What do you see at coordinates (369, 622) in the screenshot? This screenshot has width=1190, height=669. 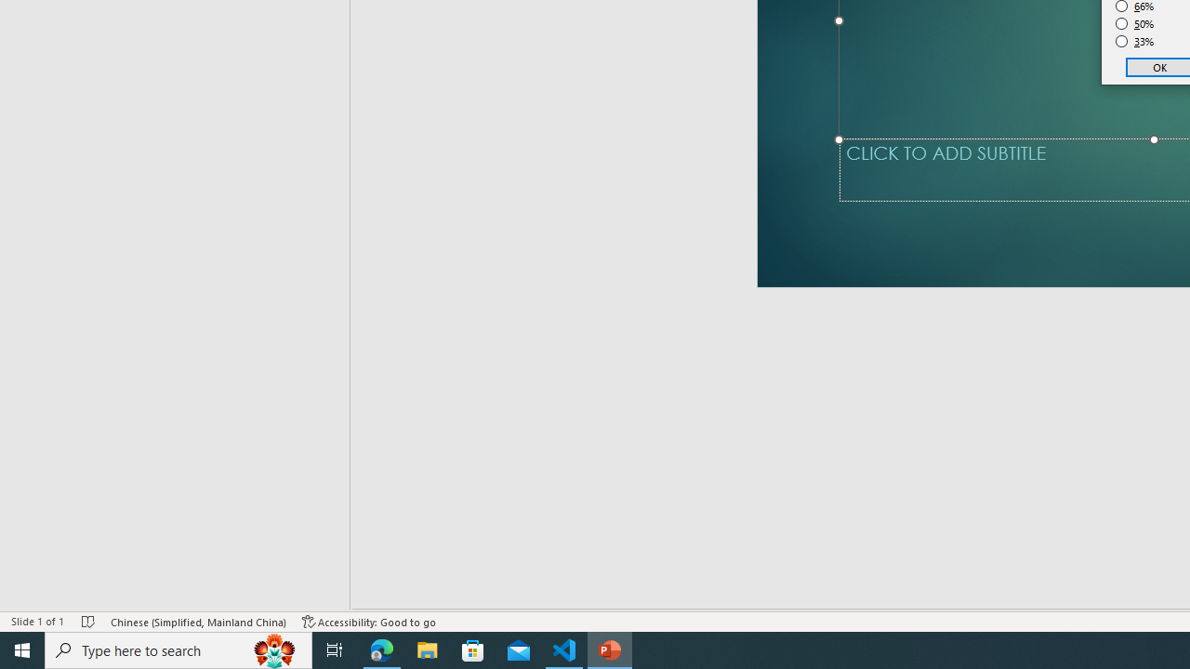 I see `'Accessibility Checker Accessibility: Good to go'` at bounding box center [369, 622].